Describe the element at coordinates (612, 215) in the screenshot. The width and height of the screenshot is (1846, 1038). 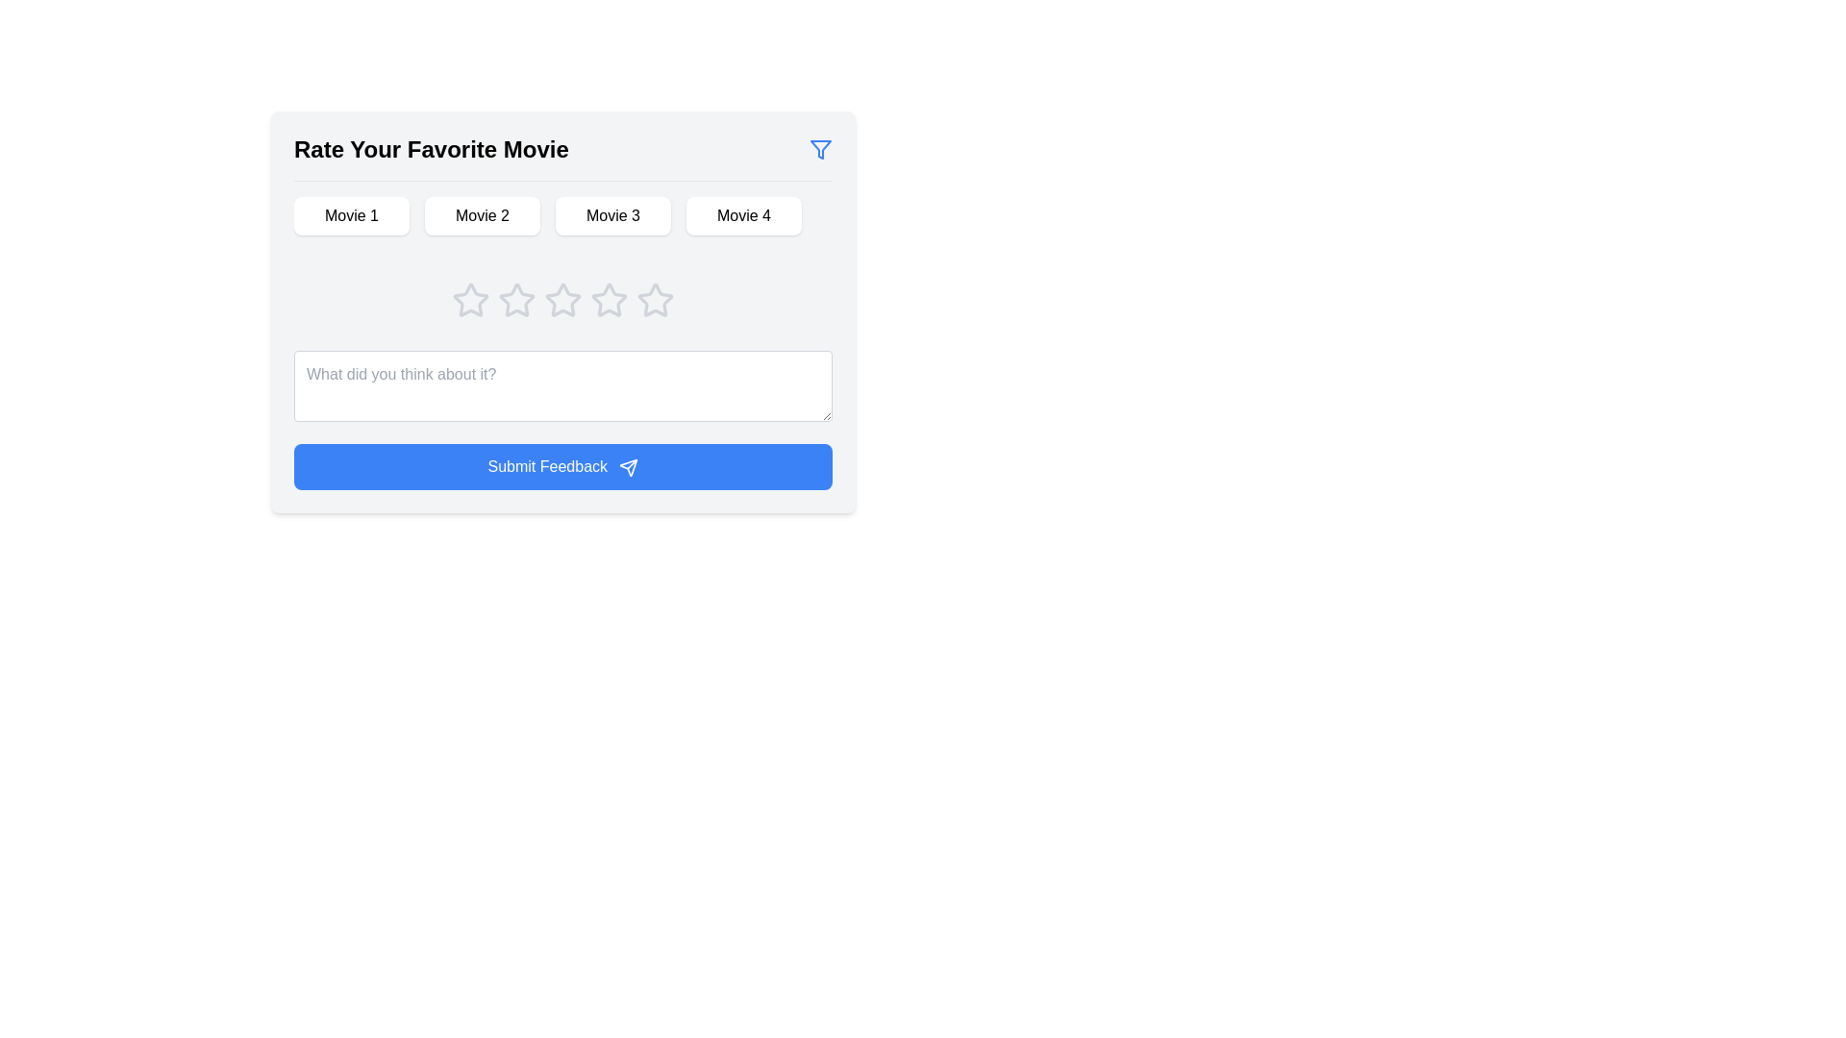
I see `the button labeled 'Movie 3,' which is a rectangular button with rounded corners and a white background` at that location.